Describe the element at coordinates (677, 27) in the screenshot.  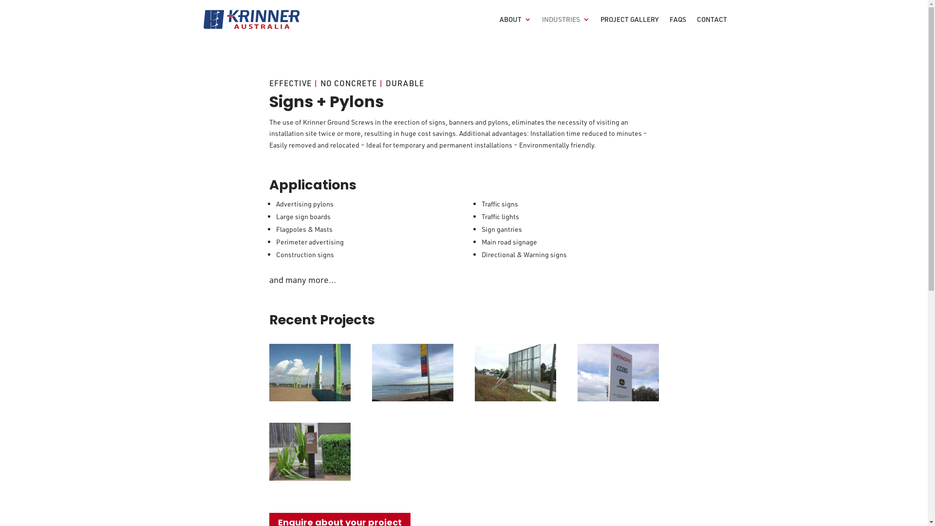
I see `'FAQS'` at that location.